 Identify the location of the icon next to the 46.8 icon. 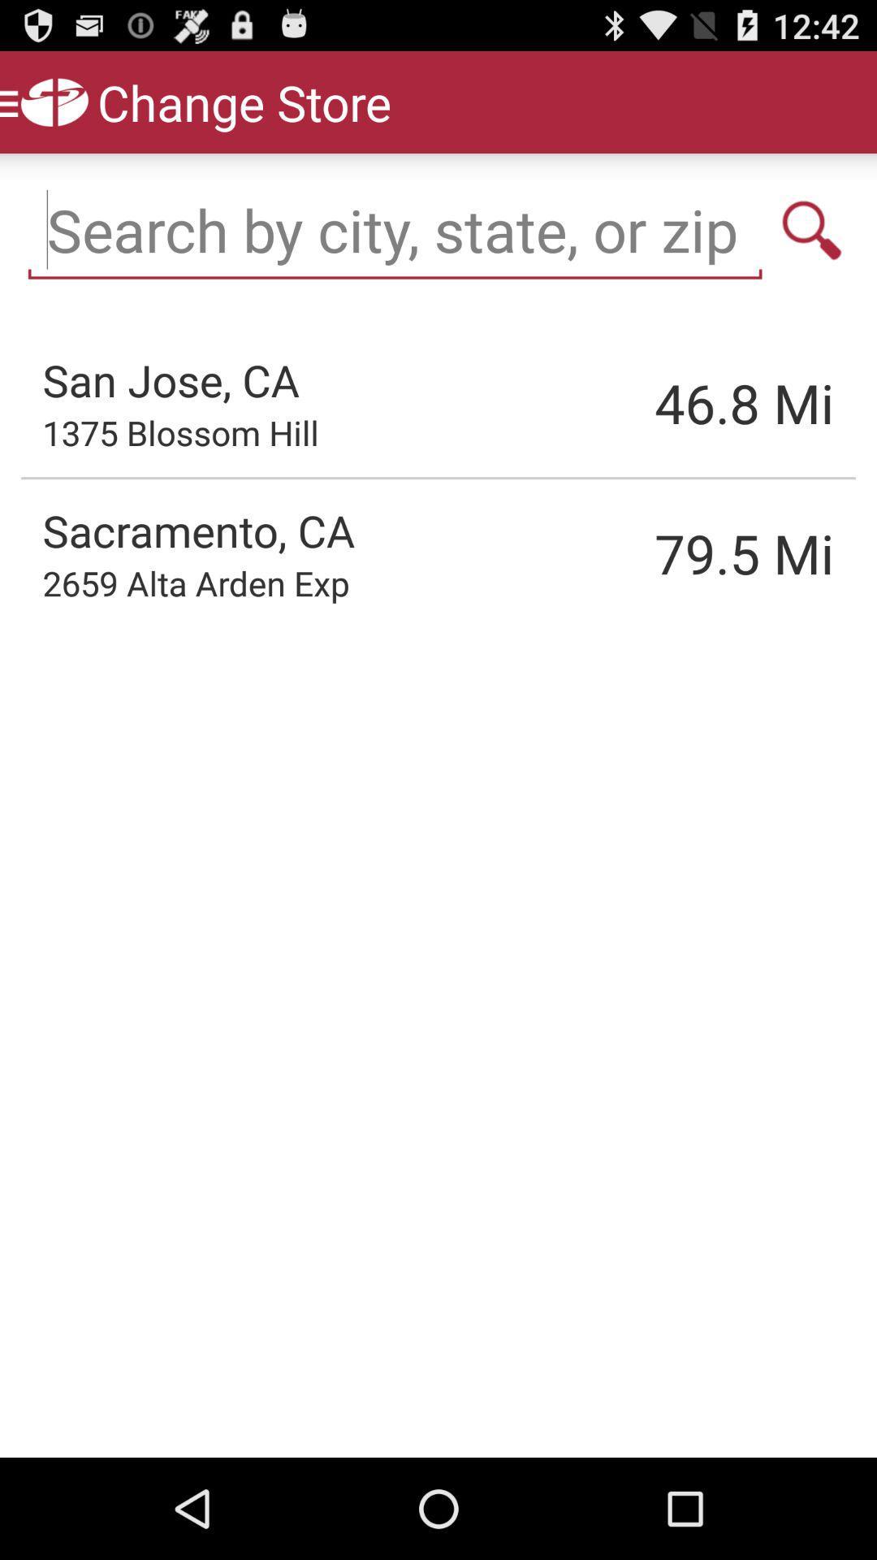
(180, 432).